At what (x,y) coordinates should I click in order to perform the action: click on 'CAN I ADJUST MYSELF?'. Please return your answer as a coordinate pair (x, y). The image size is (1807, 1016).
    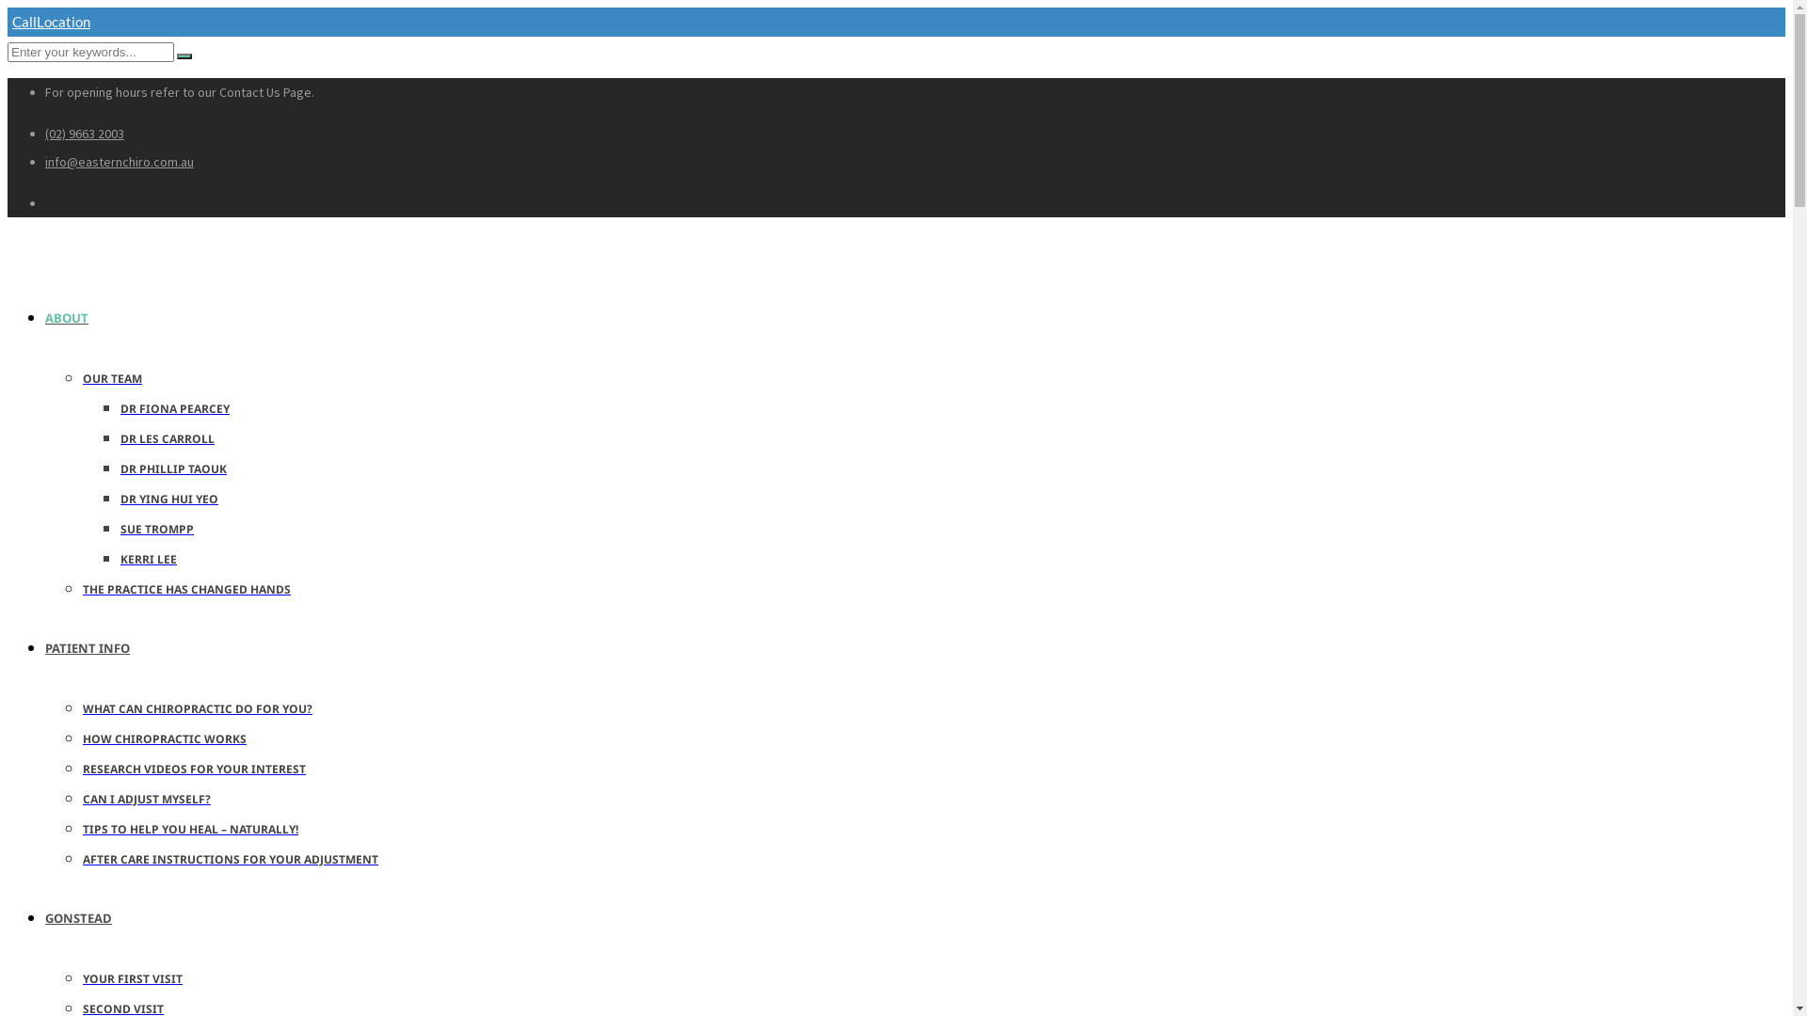
    Looking at the image, I should click on (146, 799).